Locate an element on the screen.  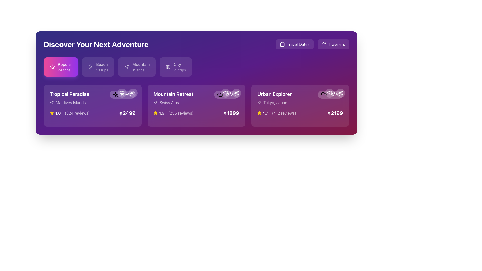
the 'share' button, which is the second circular button from the right in the top-right corner group of tools, located next to a heart-shaped button is located at coordinates (133, 93).